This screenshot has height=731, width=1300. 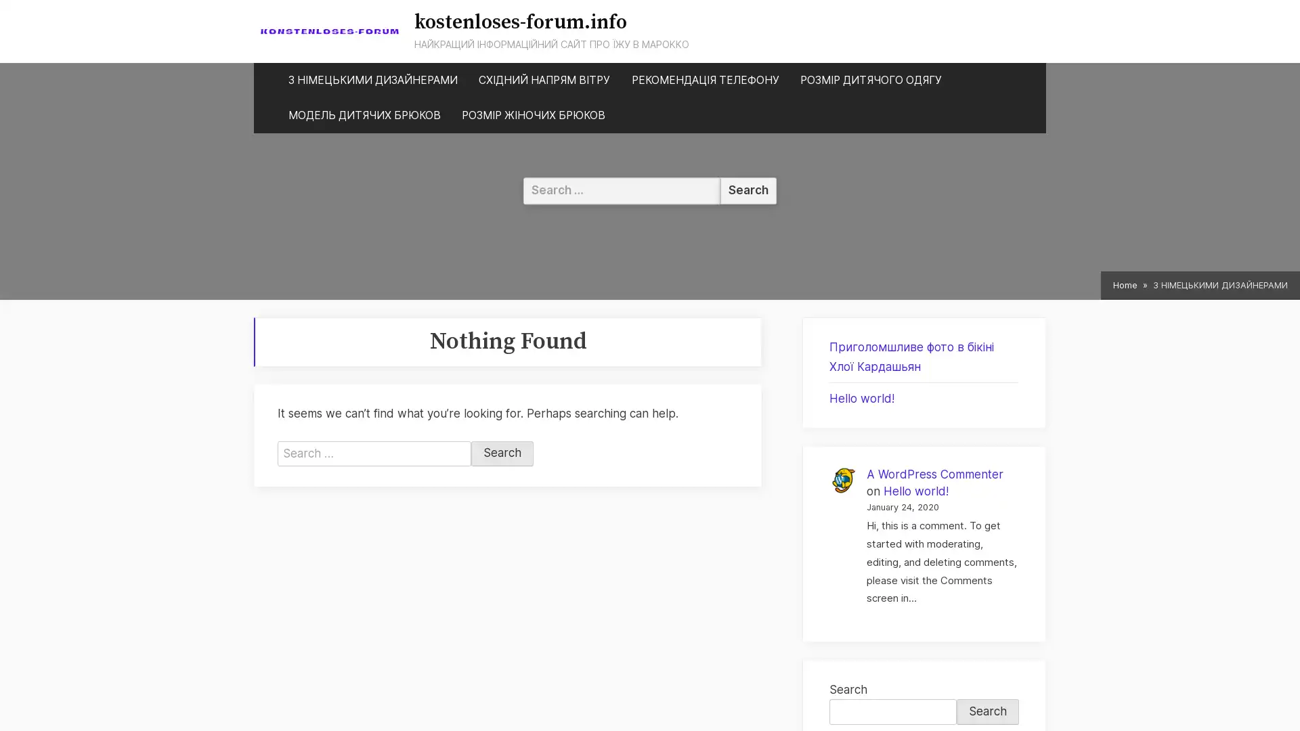 What do you see at coordinates (988, 711) in the screenshot?
I see `Search` at bounding box center [988, 711].